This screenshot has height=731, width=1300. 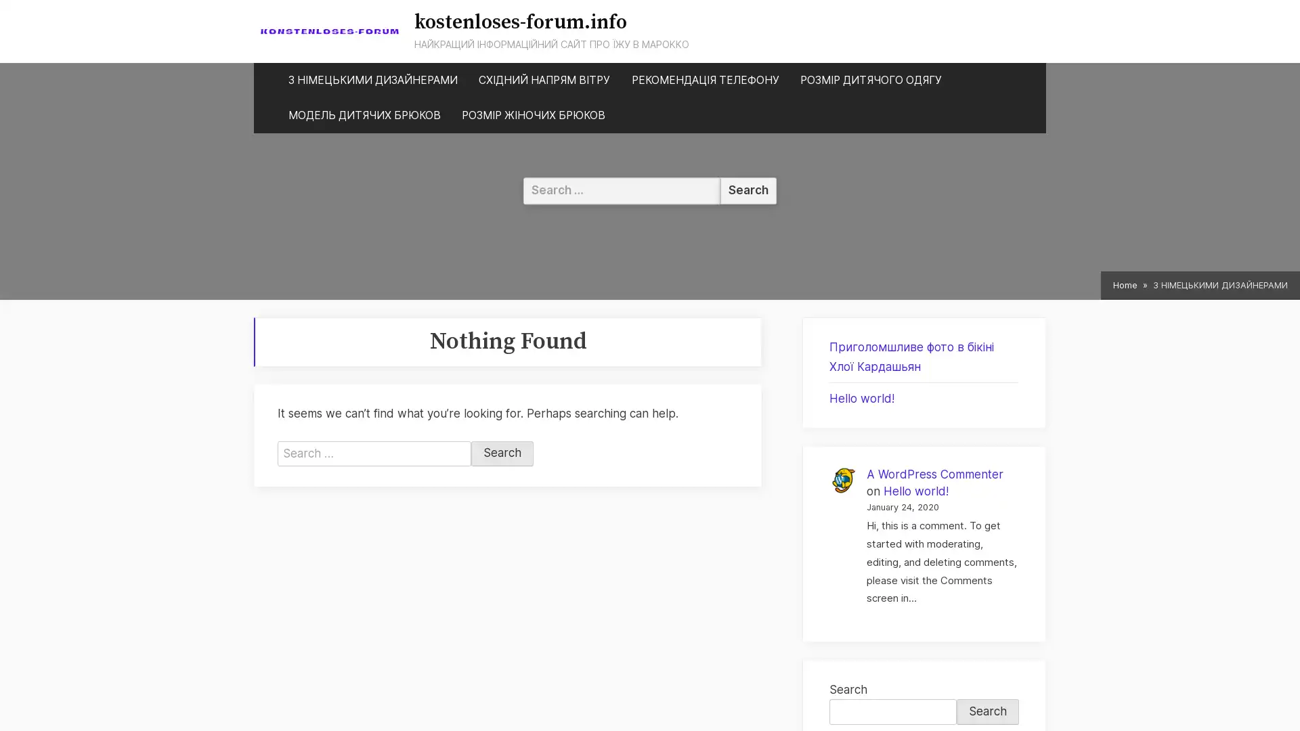 What do you see at coordinates (988, 711) in the screenshot?
I see `Search` at bounding box center [988, 711].